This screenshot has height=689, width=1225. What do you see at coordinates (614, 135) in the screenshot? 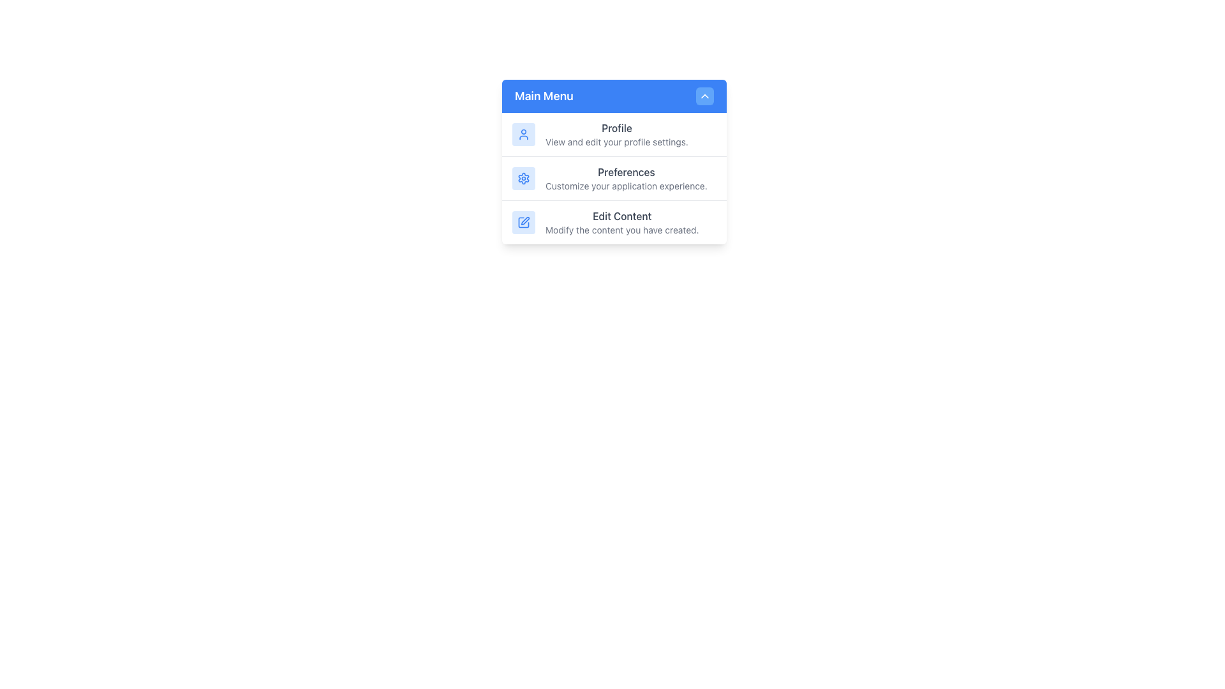
I see `the 'Profile' menu item, which is the first entry in the vertical menu under 'Main Menu' and features a blue user silhouette icon` at bounding box center [614, 135].